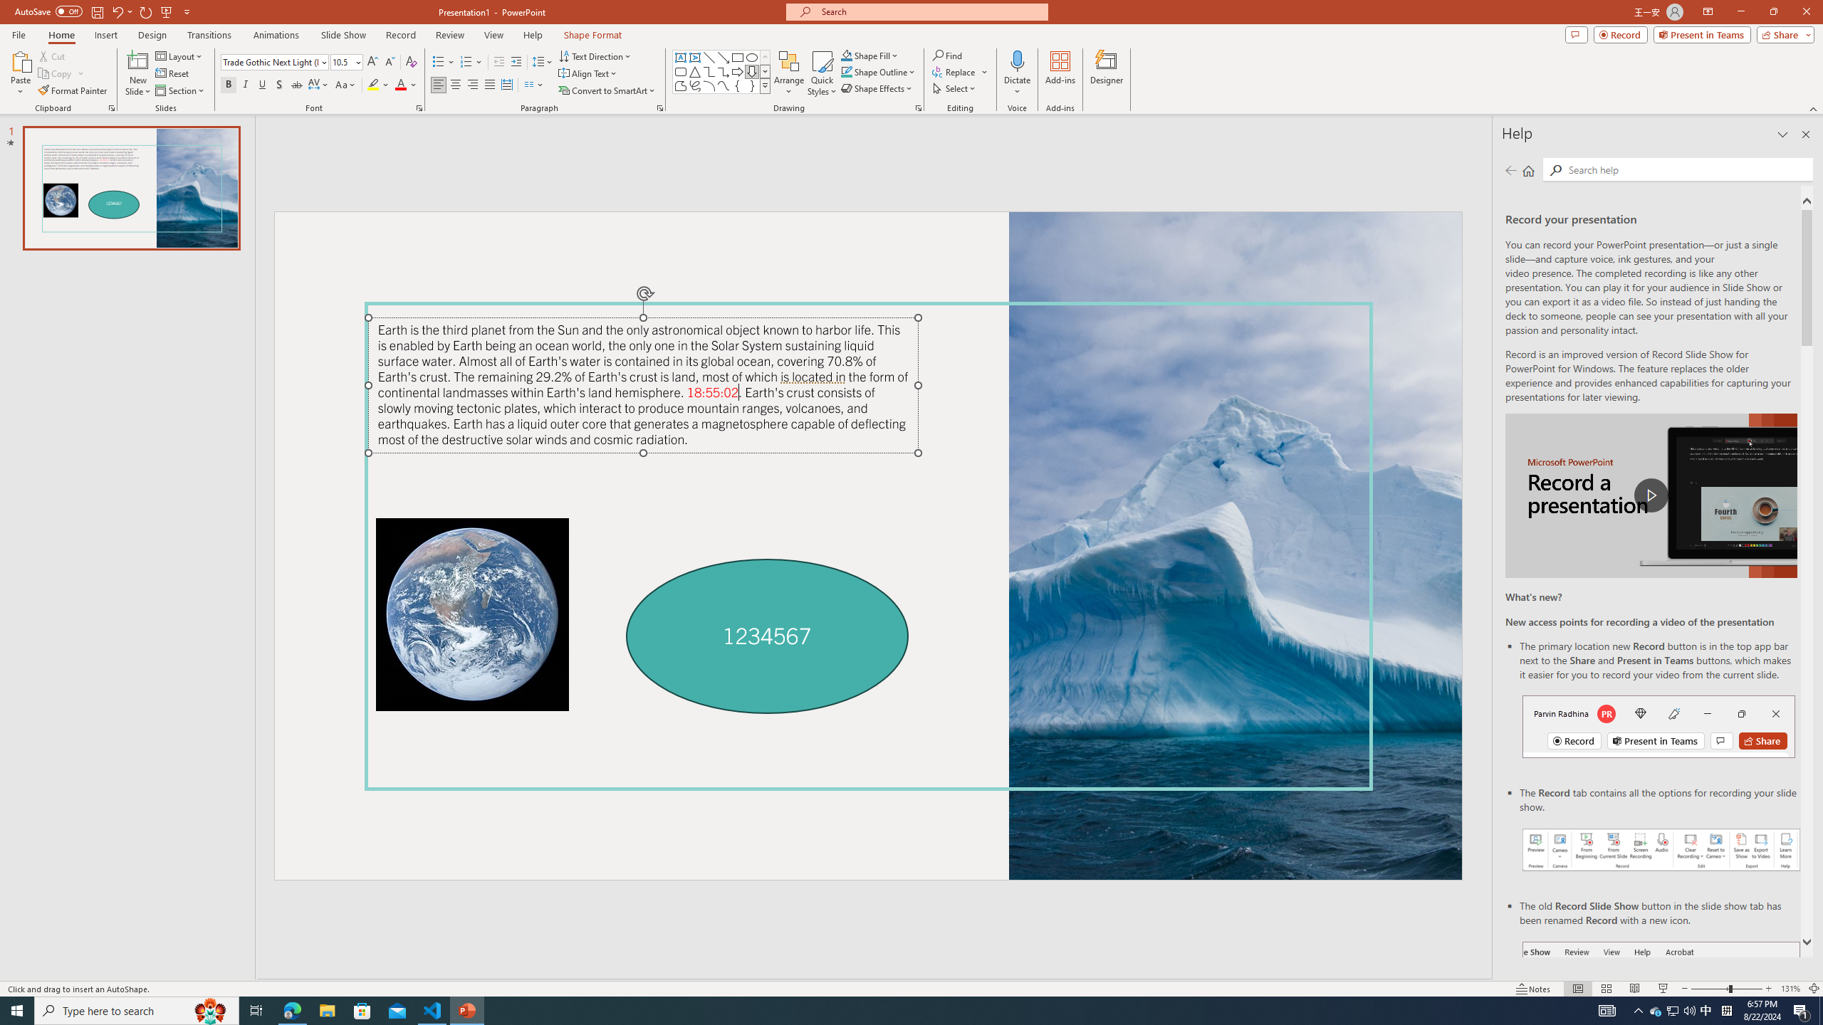 The image size is (1823, 1025). What do you see at coordinates (180, 90) in the screenshot?
I see `'Section'` at bounding box center [180, 90].